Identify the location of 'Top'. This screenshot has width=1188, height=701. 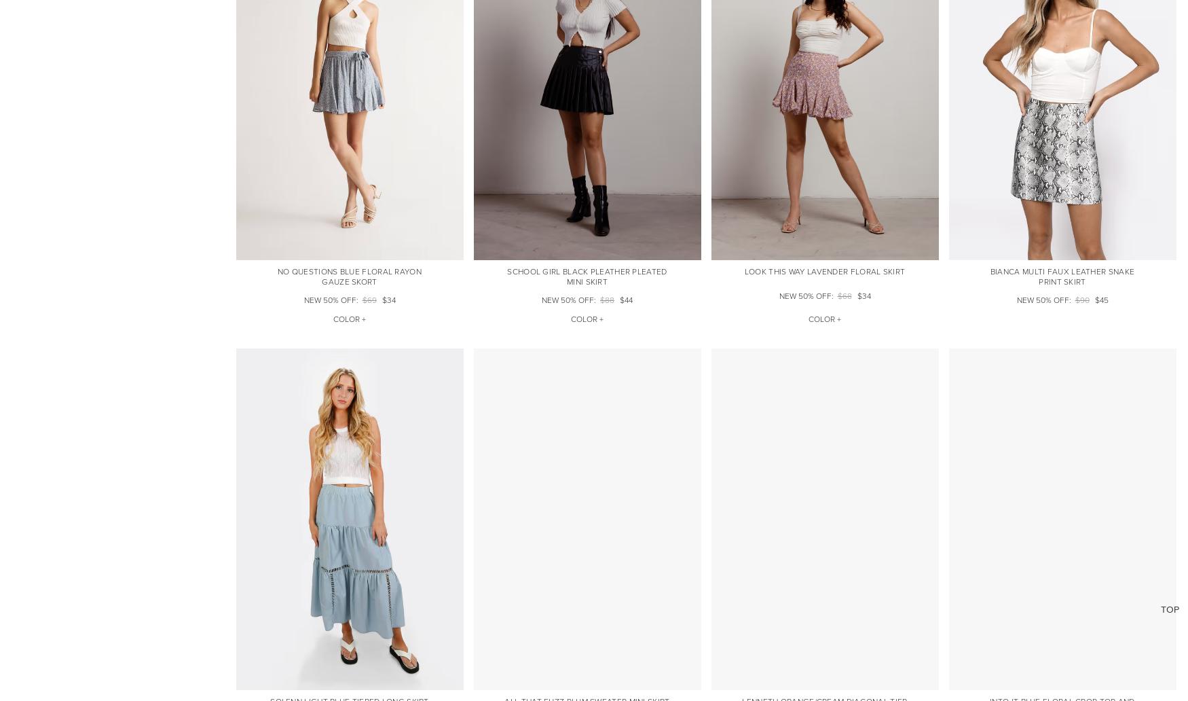
(1169, 609).